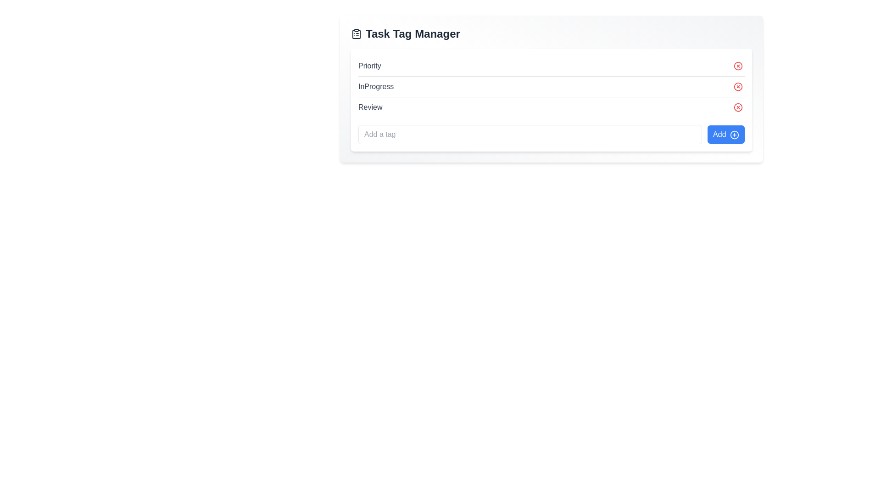 The height and width of the screenshot is (496, 881). What do you see at coordinates (356, 34) in the screenshot?
I see `the clipboard icon associated with the Task Tag Manager feature, located to the left of the 'Task Tag Manager' heading` at bounding box center [356, 34].